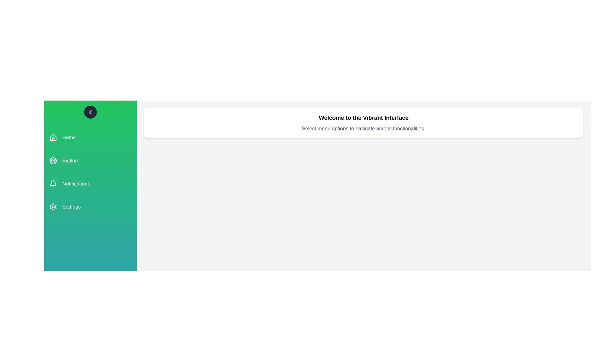 This screenshot has width=616, height=346. What do you see at coordinates (90, 137) in the screenshot?
I see `the menu item Home to view its hover effect` at bounding box center [90, 137].